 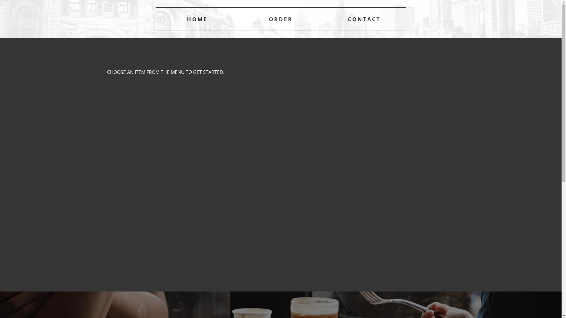 What do you see at coordinates (197, 19) in the screenshot?
I see `'HOME'` at bounding box center [197, 19].